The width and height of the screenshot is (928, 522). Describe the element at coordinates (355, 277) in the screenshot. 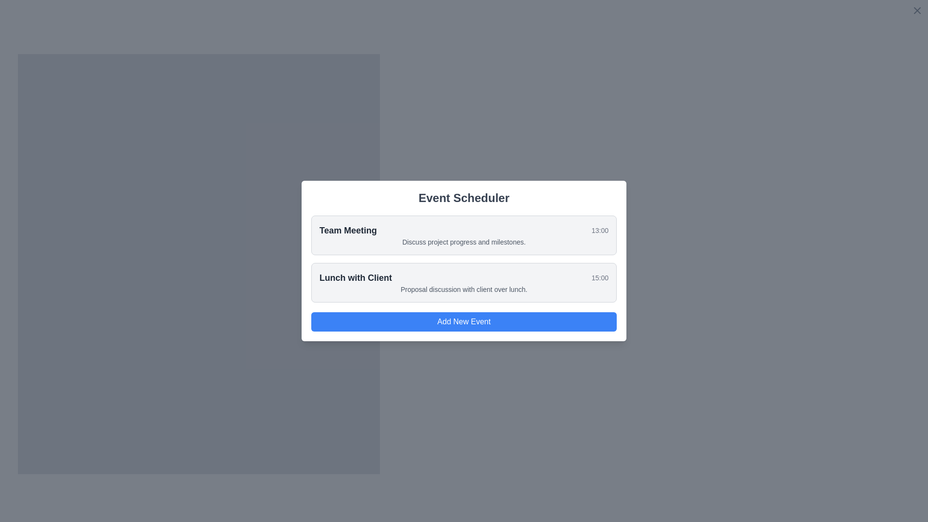

I see `on the title of the second event, 'Lunch with Client', located in the 'Event Scheduler' section` at that location.